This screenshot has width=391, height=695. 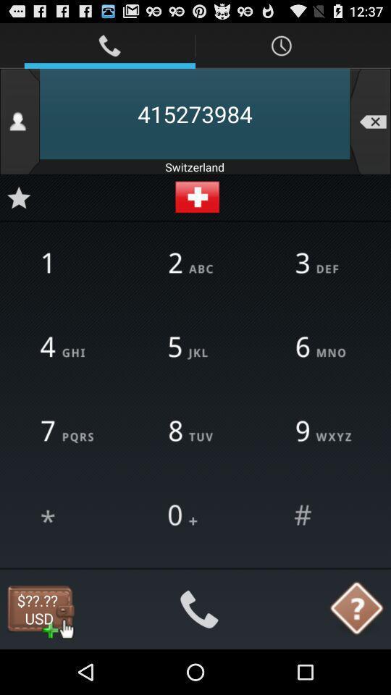 What do you see at coordinates (18, 196) in the screenshot?
I see `number` at bounding box center [18, 196].